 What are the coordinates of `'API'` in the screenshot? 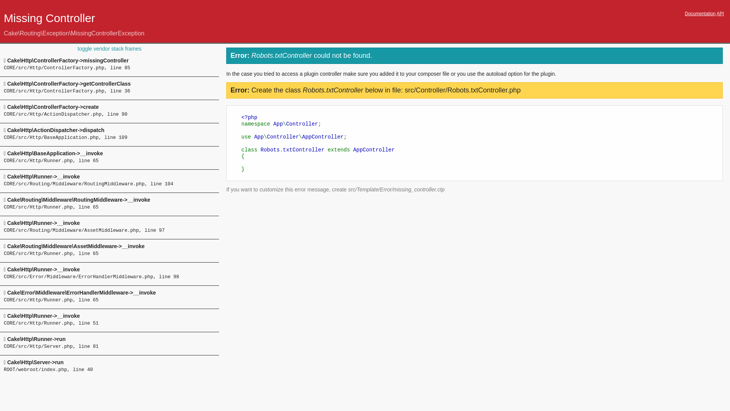 It's located at (720, 13).